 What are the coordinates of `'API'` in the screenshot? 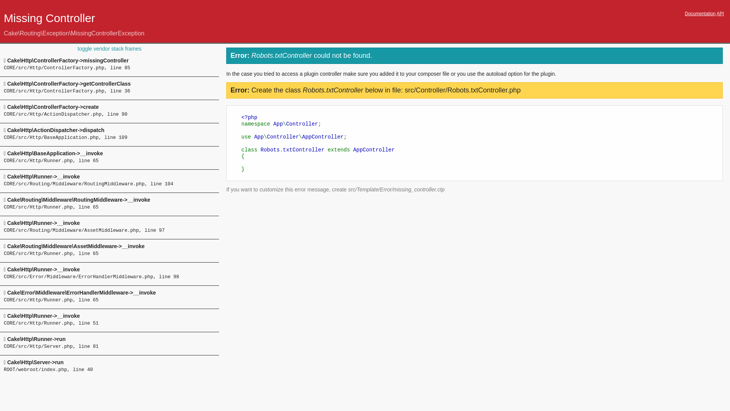 It's located at (720, 13).